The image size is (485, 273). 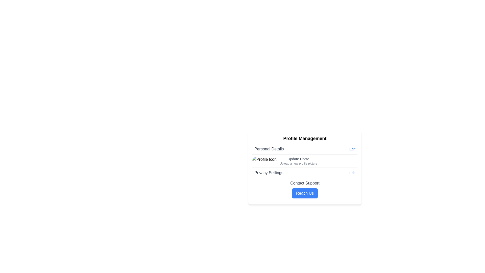 What do you see at coordinates (304, 168) in the screenshot?
I see `the Separator line located below the 'Update Photo' section, which visually separates it from the 'Privacy Settings' section` at bounding box center [304, 168].